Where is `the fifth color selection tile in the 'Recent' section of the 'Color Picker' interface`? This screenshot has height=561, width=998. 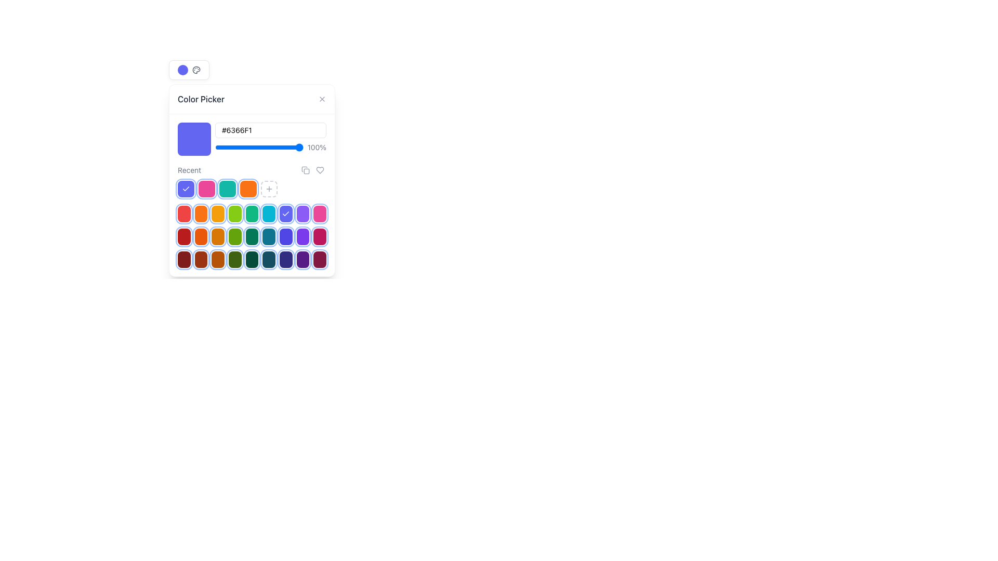 the fifth color selection tile in the 'Recent' section of the 'Color Picker' interface is located at coordinates (252, 189).